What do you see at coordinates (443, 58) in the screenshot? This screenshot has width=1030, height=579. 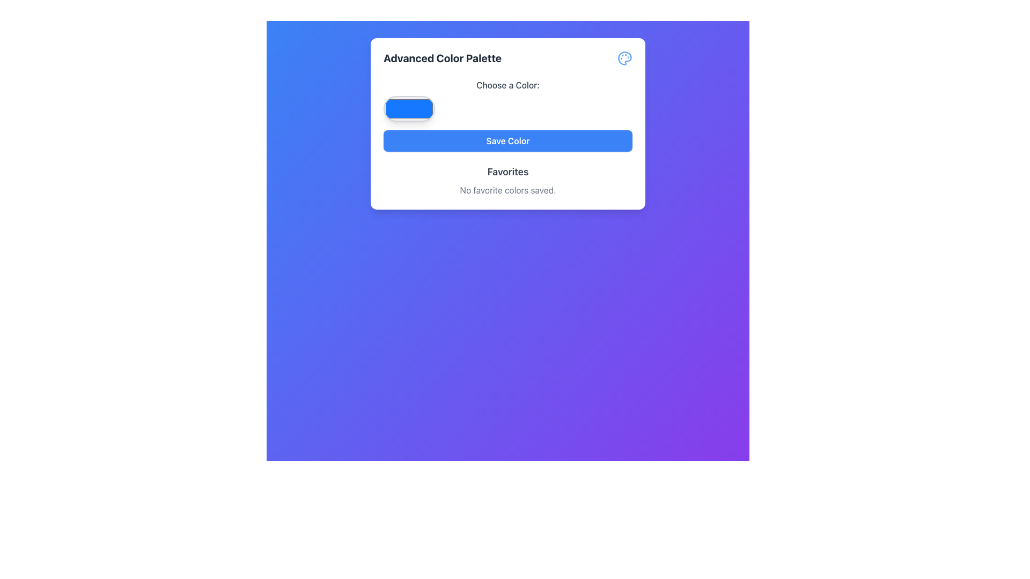 I see `the text header 'Advanced Color Palette'` at bounding box center [443, 58].